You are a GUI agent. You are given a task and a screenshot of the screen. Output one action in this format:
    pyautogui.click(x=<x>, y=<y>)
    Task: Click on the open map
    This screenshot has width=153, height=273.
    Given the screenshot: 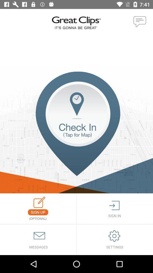 What is the action you would take?
    pyautogui.click(x=76, y=132)
    